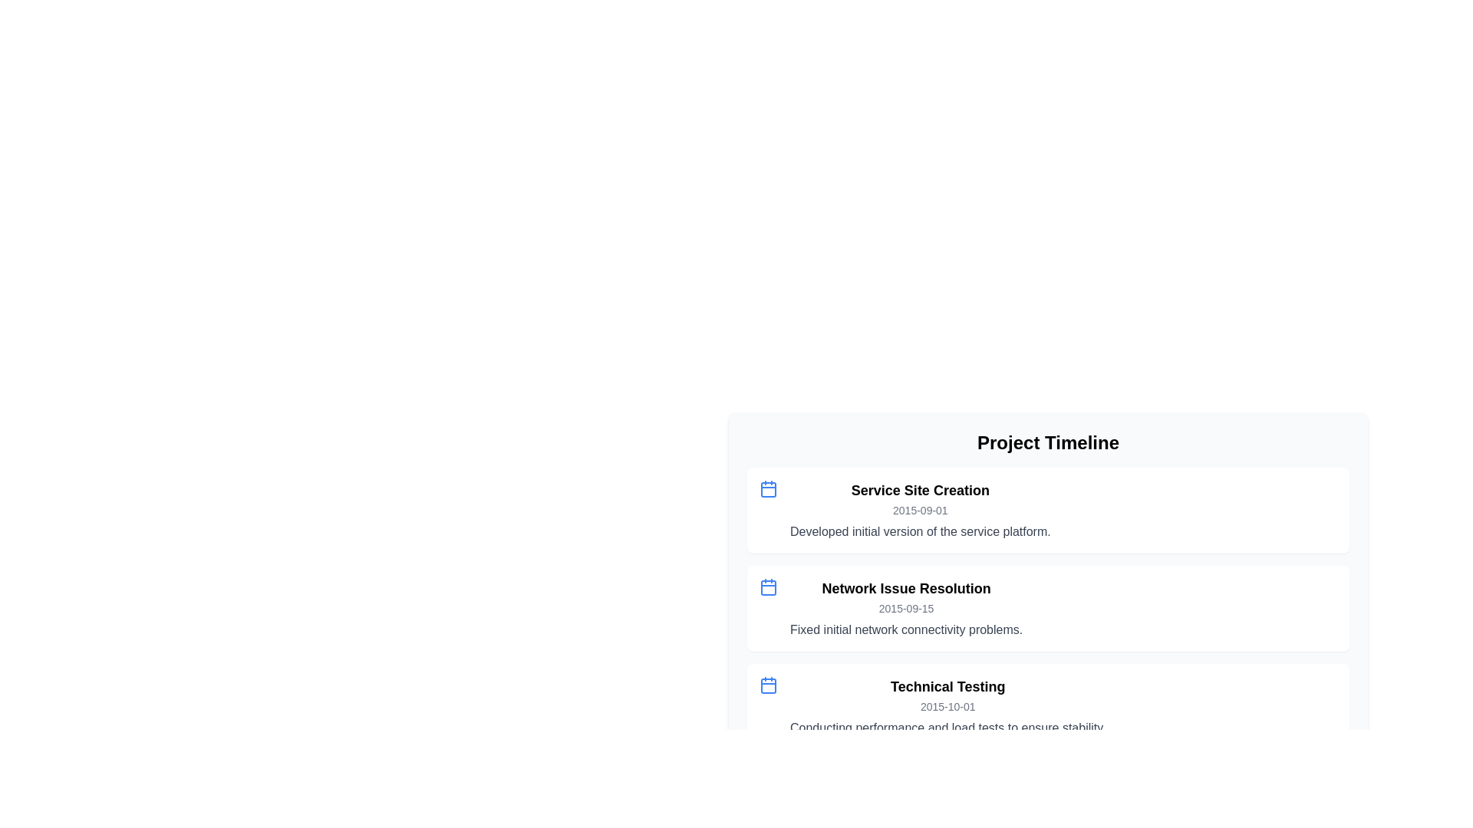  Describe the element at coordinates (920, 531) in the screenshot. I see `the text element that reads 'Developed initial version of the service platform.' located beneath the heading 'Service Site Creation' in the 'Project Timeline' section` at that location.